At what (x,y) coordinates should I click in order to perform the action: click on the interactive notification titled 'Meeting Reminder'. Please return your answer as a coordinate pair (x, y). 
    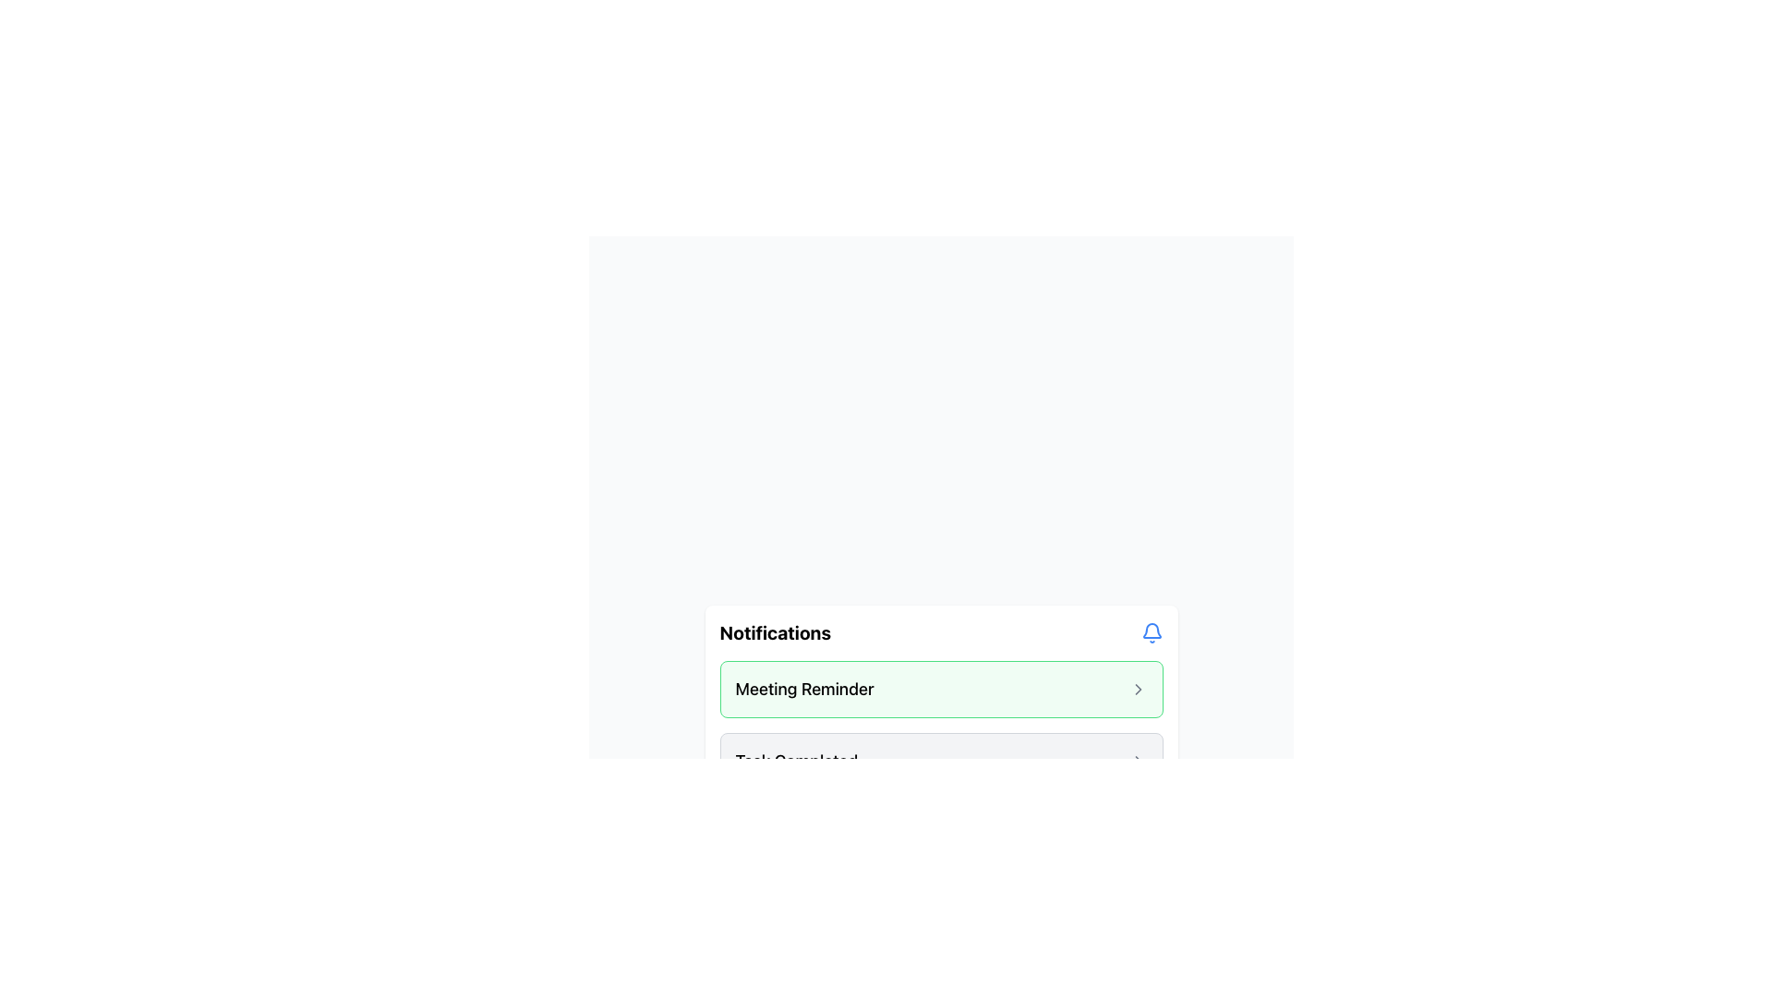
    Looking at the image, I should click on (941, 725).